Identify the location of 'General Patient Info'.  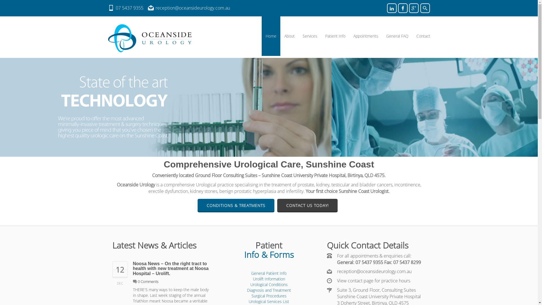
(268, 273).